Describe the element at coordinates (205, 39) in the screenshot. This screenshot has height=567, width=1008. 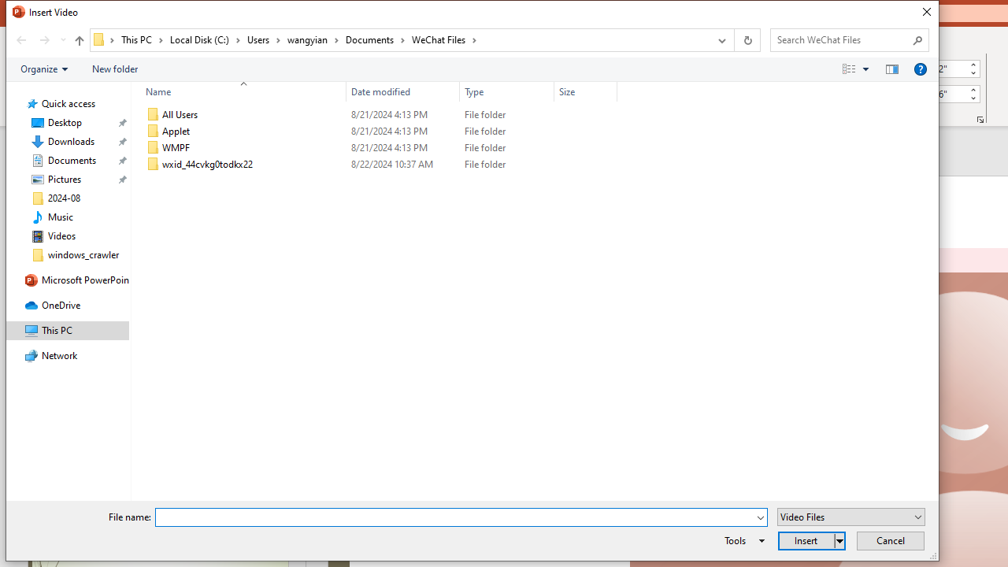
I see `'Local Disk (C:)'` at that location.